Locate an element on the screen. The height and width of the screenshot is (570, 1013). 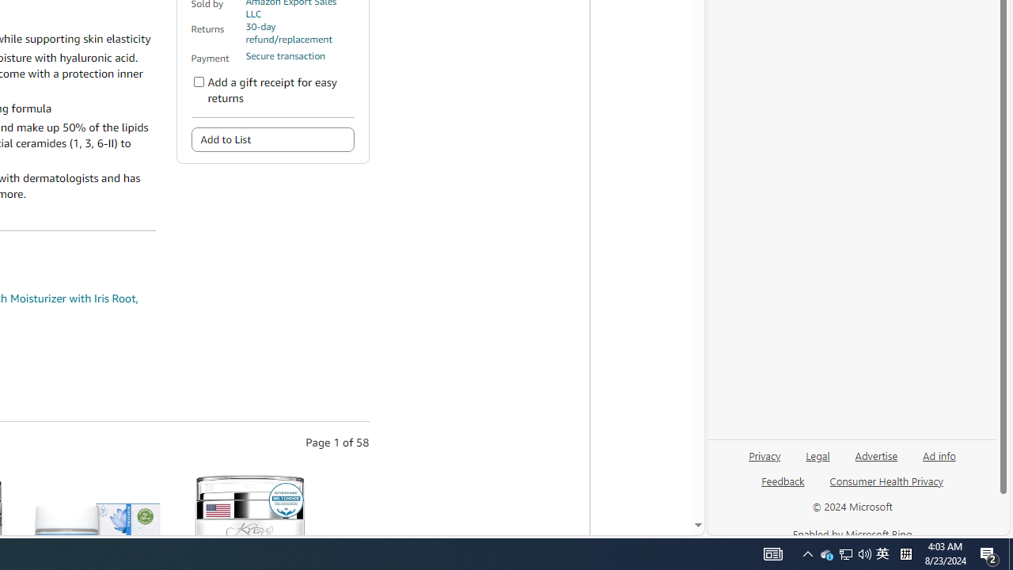
'Add to List' is located at coordinates (272, 139).